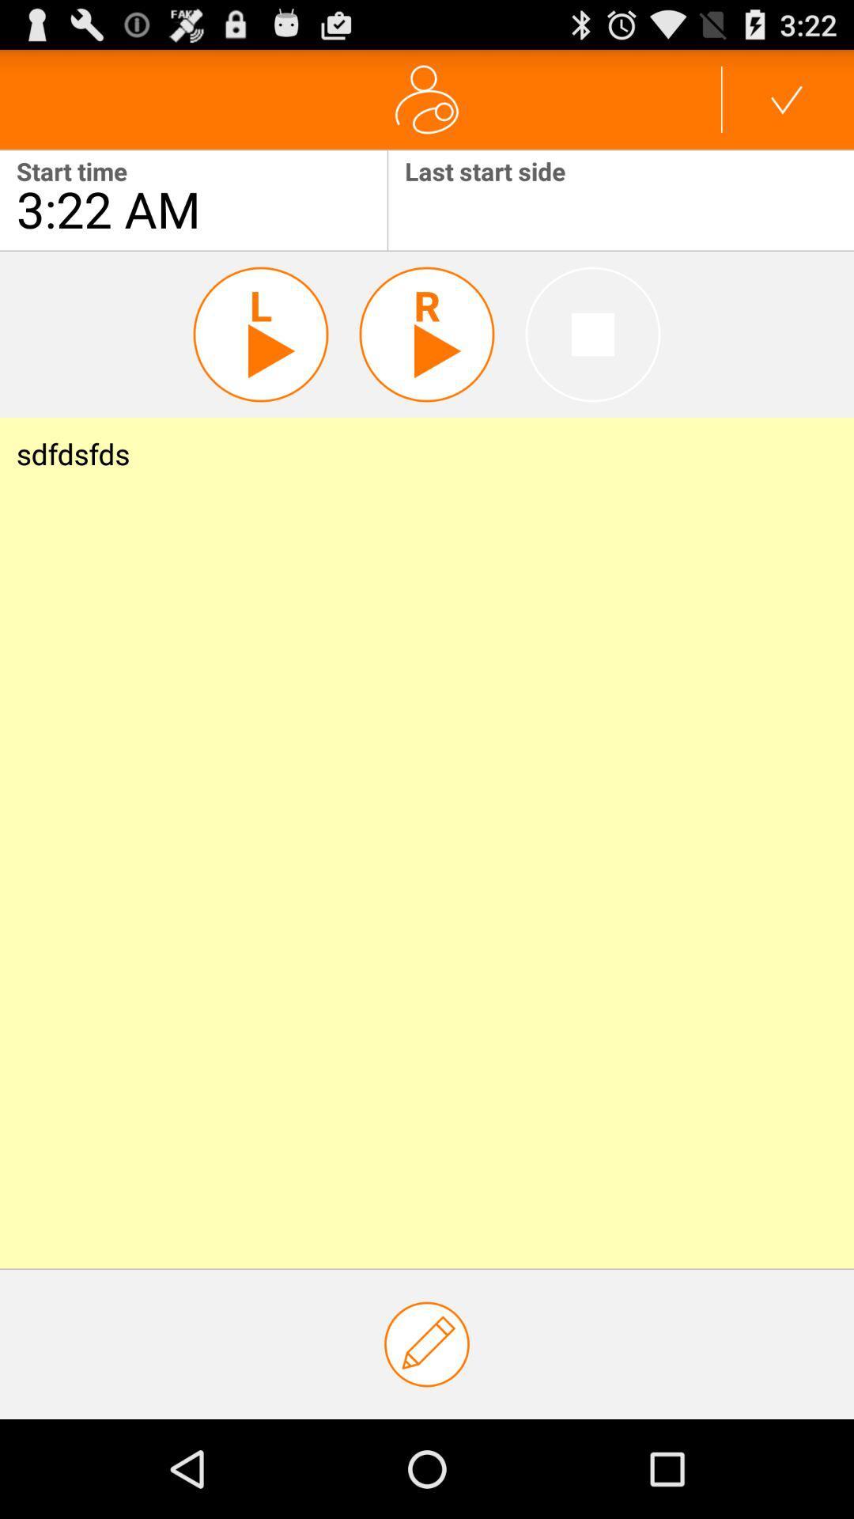 The width and height of the screenshot is (854, 1519). What do you see at coordinates (787, 105) in the screenshot?
I see `the check icon` at bounding box center [787, 105].